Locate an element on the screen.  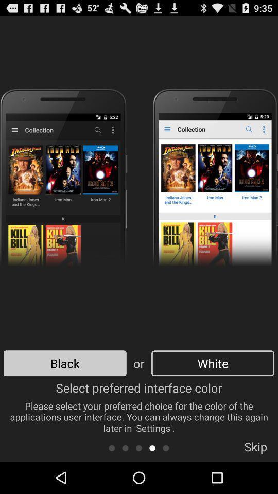
scroll backwards in the list of options is located at coordinates (125, 447).